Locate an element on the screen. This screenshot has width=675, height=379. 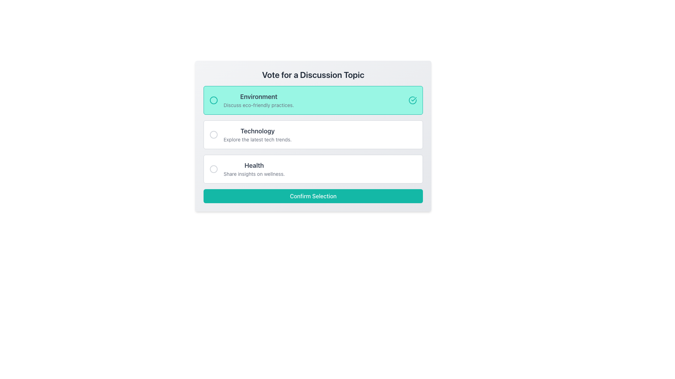
the text label 'Environment' which is styled with a bold font and is the first item in a vertical list under the header 'Vote for a Discussion Topic' is located at coordinates (258, 97).